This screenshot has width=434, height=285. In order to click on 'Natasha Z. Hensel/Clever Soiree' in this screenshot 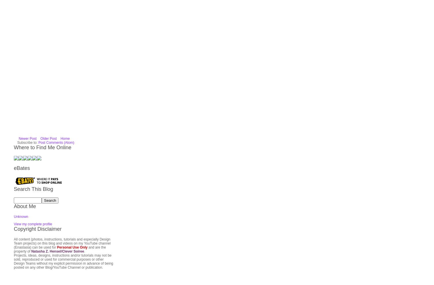, I will do `click(57, 183)`.